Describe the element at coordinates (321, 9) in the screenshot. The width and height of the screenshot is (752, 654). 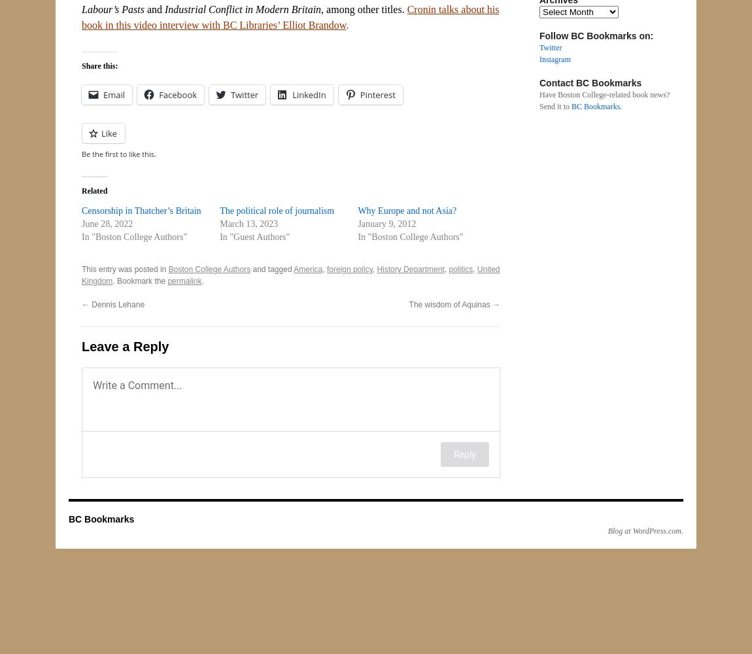
I see `', among other titles.'` at that location.